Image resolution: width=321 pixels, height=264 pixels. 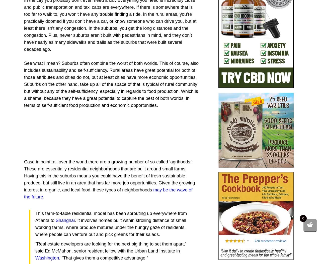 What do you see at coordinates (103, 258) in the screenshot?
I see `'. “That gives them a competitive advantage.”'` at bounding box center [103, 258].